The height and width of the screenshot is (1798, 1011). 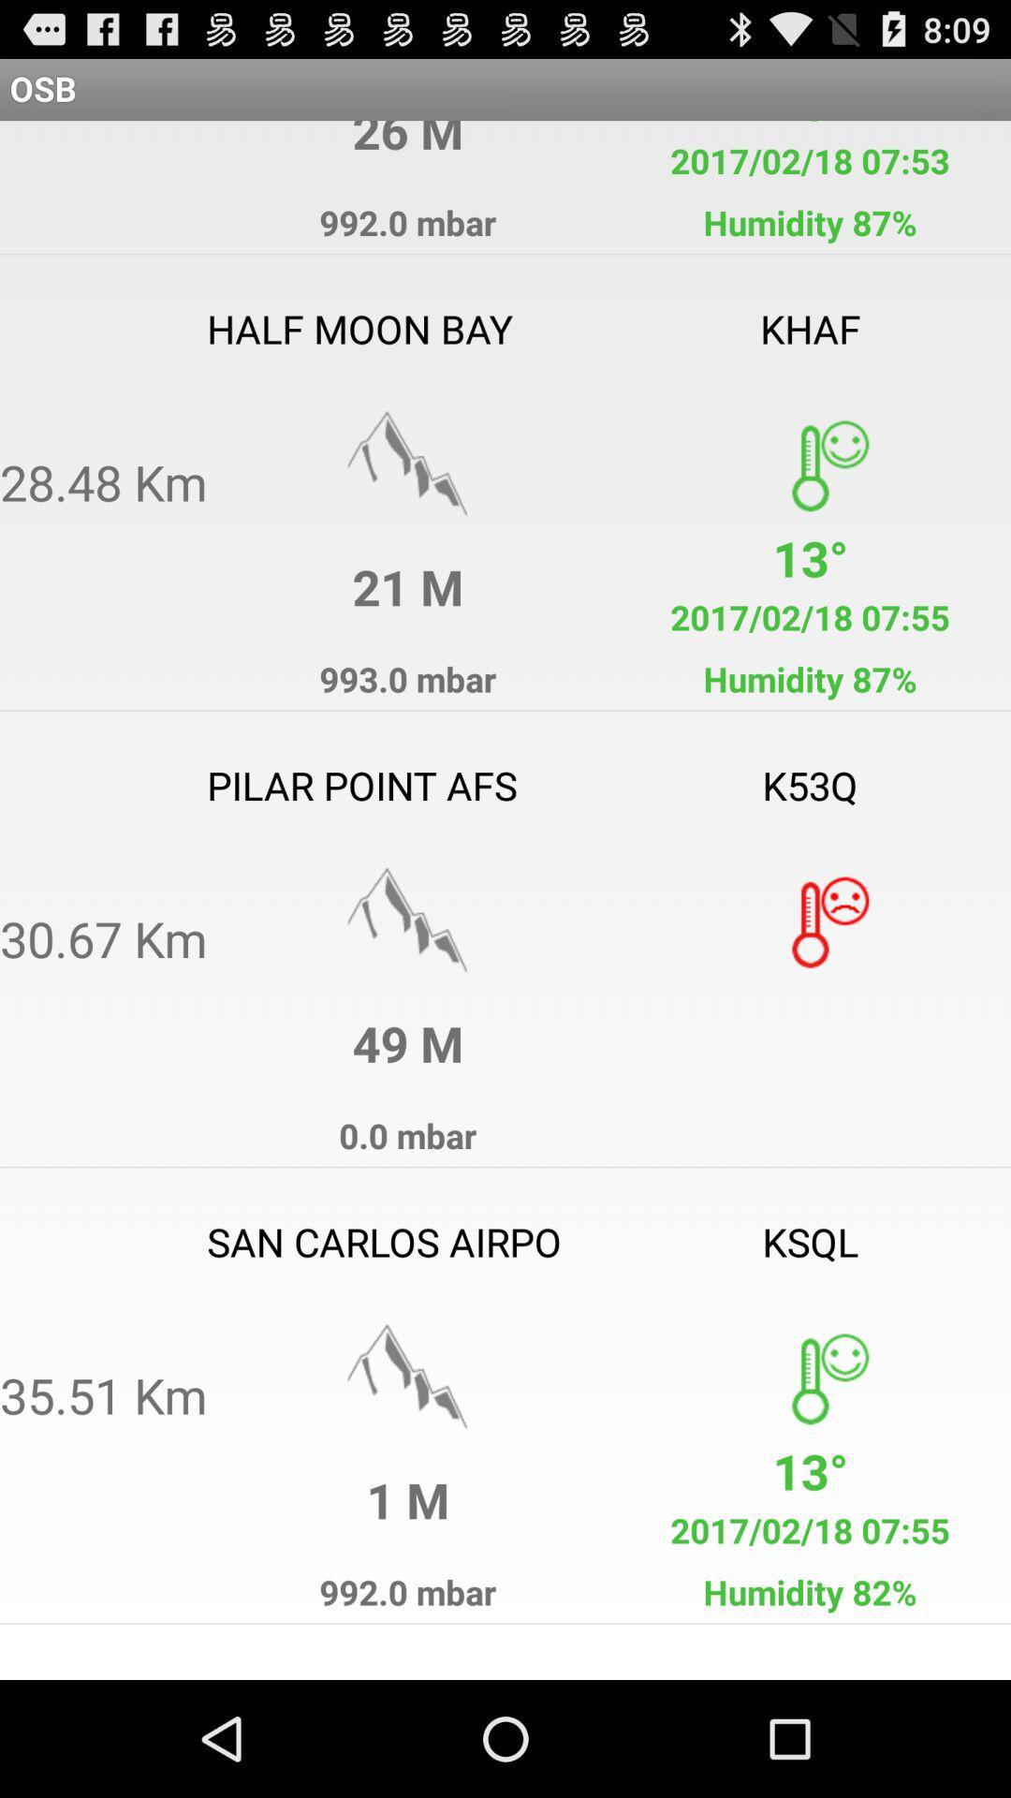 I want to click on the icon which is just below the ksql, so click(x=808, y=1377).